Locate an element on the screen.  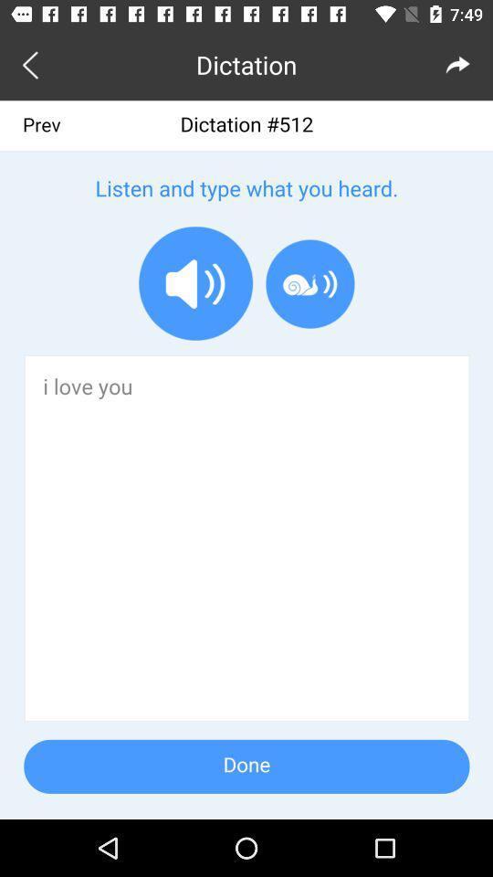
preview button is located at coordinates (34, 64).